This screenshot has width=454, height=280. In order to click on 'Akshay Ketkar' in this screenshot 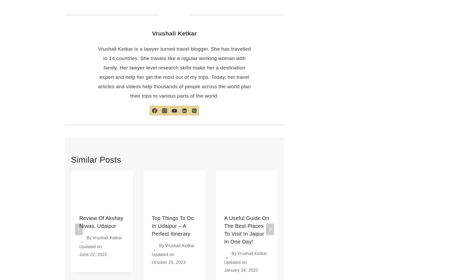, I will do `click(396, 245)`.